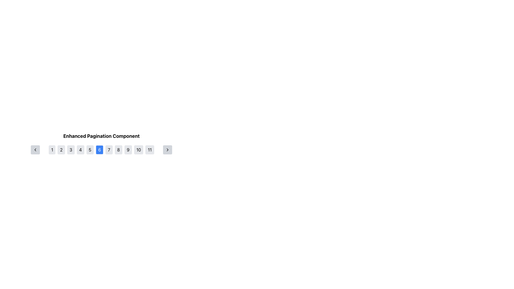  Describe the element at coordinates (109, 150) in the screenshot. I see `the rounded rectangular button displaying the number '7'` at that location.